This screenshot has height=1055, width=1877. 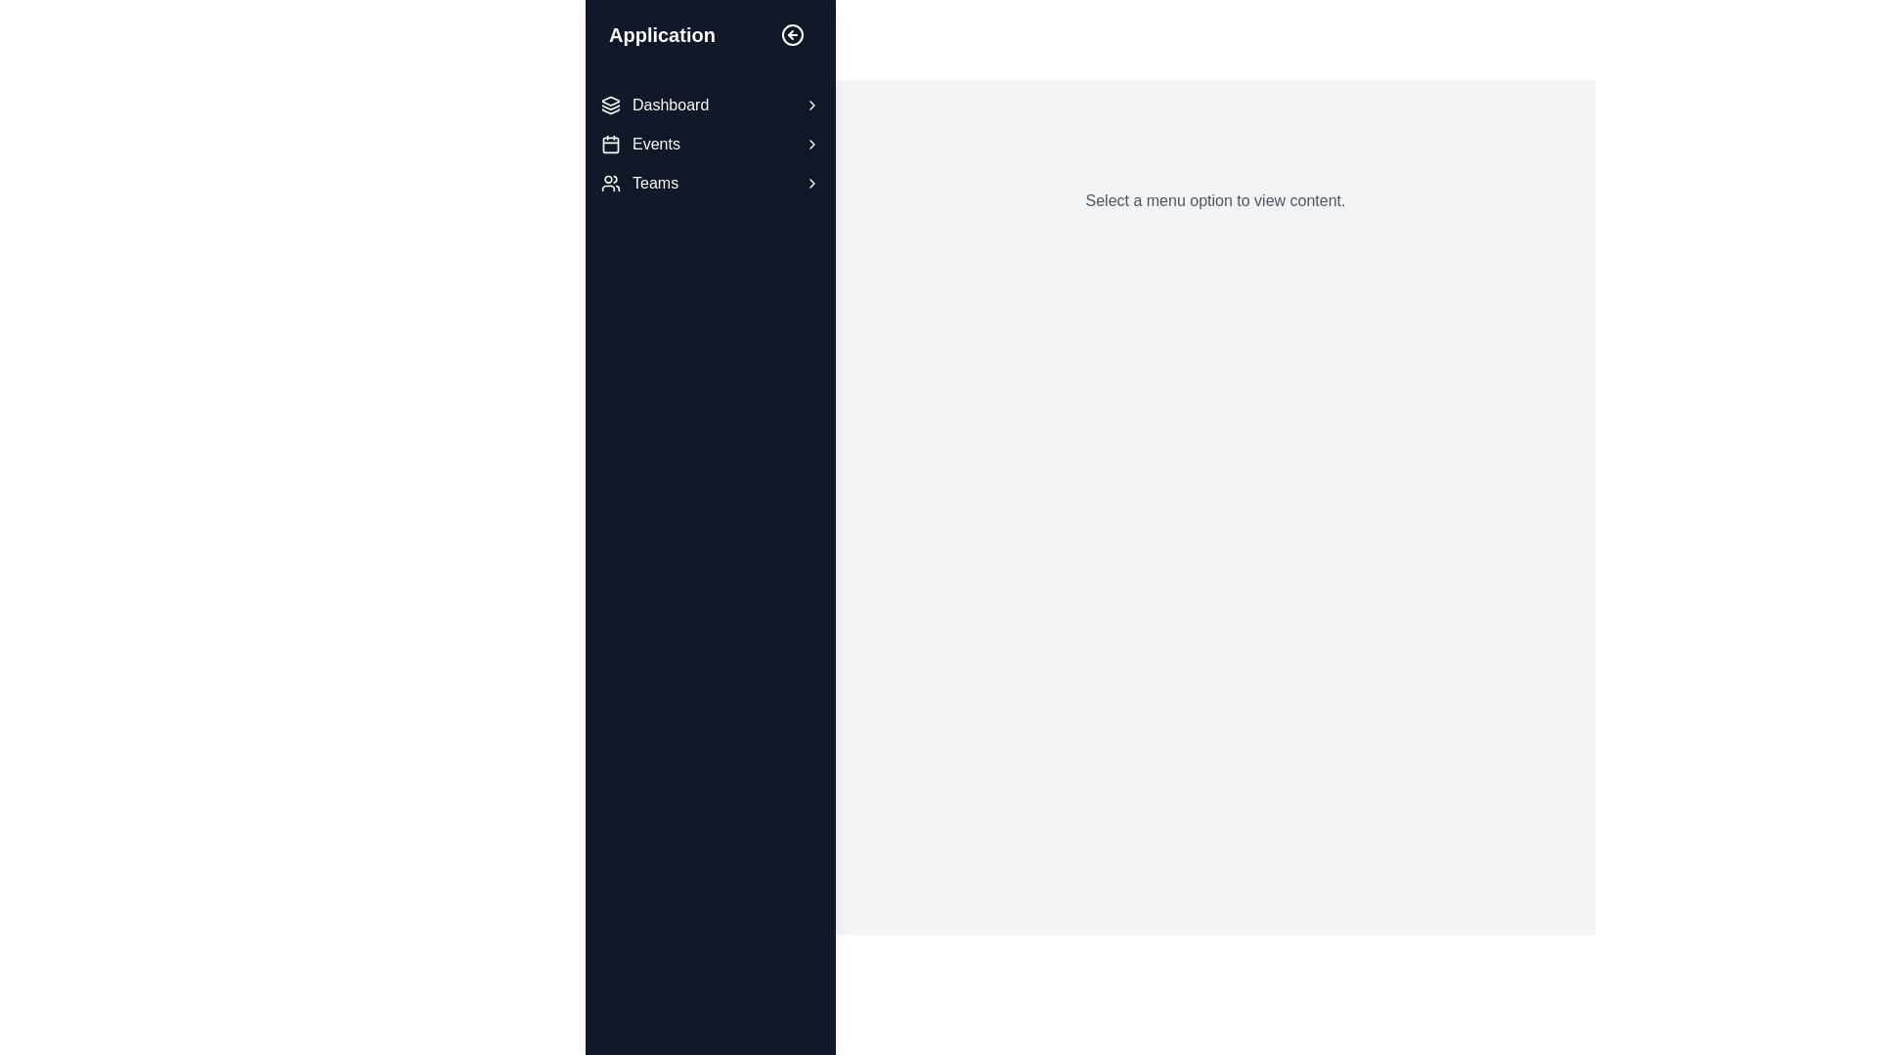 I want to click on the 'Teams' icon in the sidebar menu to trigger the tooltip, so click(x=609, y=184).